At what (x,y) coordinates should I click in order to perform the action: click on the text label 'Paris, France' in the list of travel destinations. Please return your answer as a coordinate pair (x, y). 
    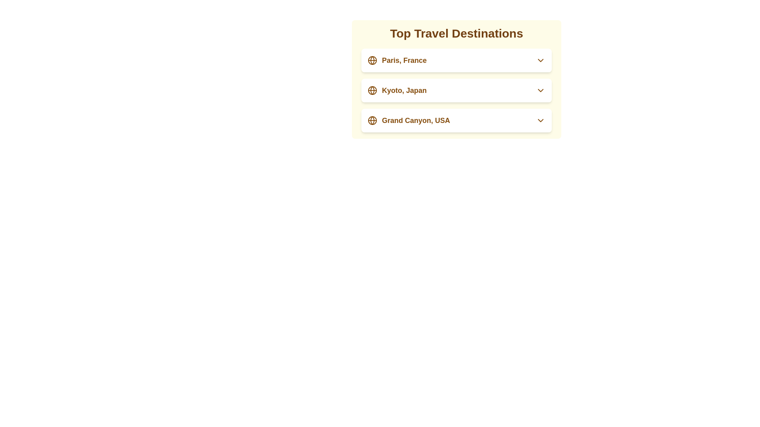
    Looking at the image, I should click on (397, 60).